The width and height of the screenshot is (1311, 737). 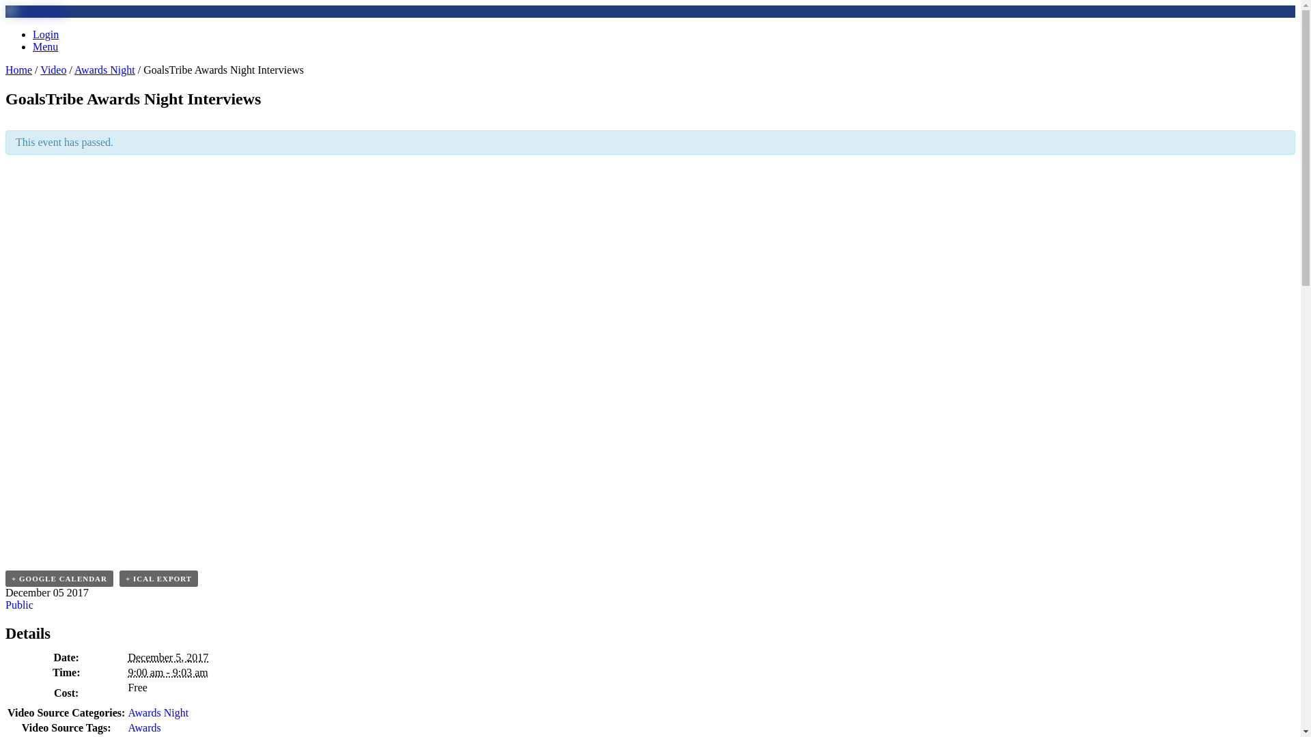 What do you see at coordinates (19, 604) in the screenshot?
I see `'Public'` at bounding box center [19, 604].